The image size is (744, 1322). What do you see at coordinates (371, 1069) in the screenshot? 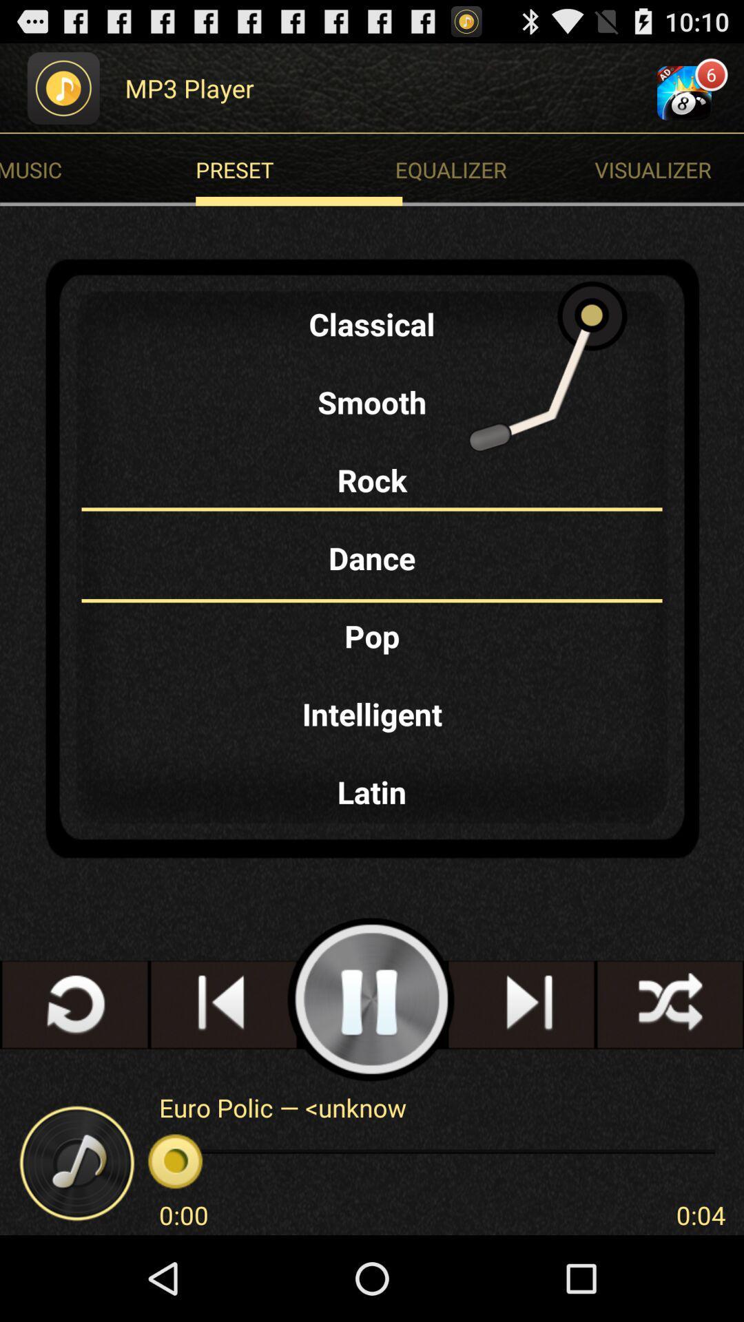
I see `the pause icon` at bounding box center [371, 1069].